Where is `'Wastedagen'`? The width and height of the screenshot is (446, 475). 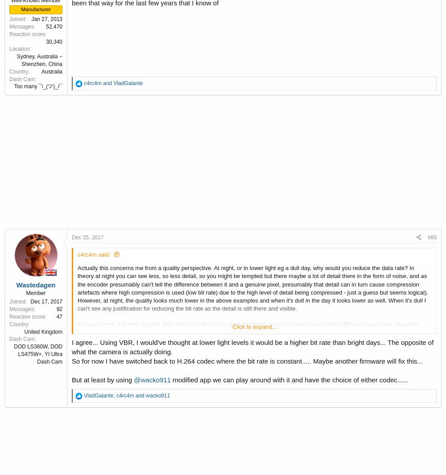
'Wastedagen' is located at coordinates (16, 284).